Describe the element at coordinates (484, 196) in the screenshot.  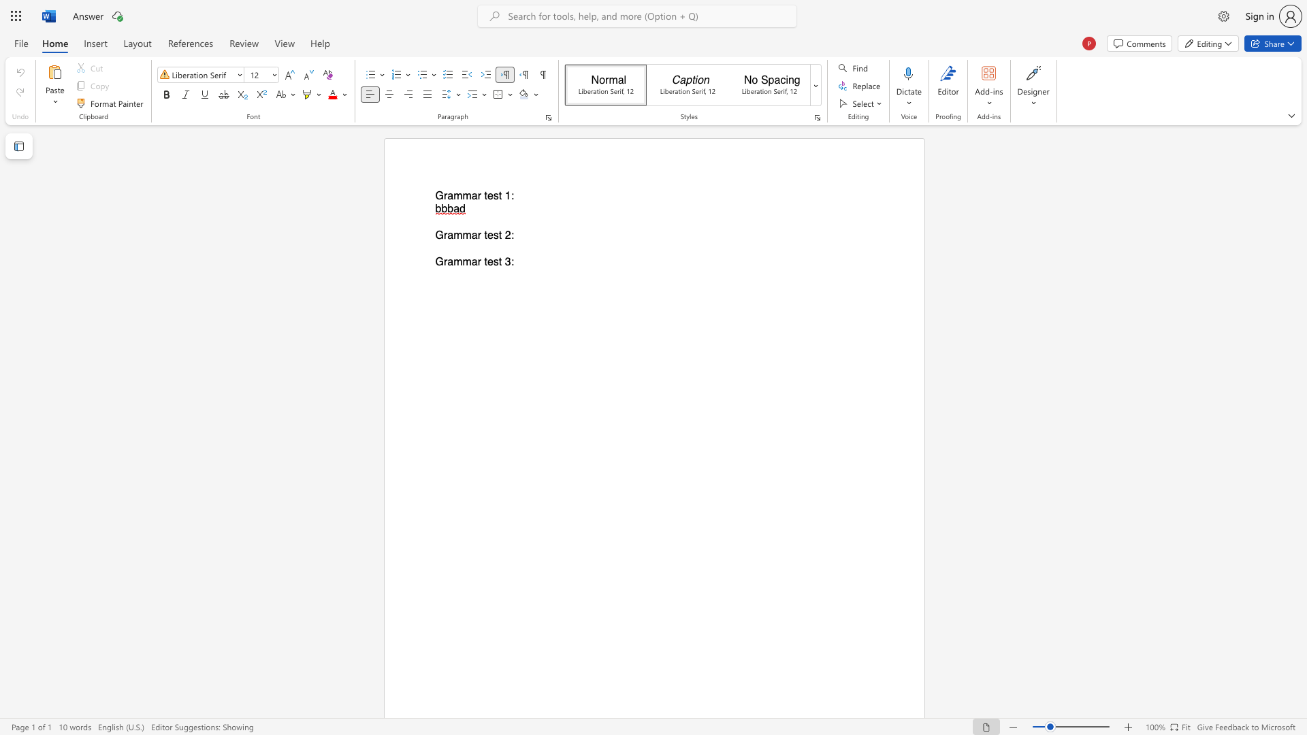
I see `the subset text "test 1" within the text "Grammar test 1:"` at that location.